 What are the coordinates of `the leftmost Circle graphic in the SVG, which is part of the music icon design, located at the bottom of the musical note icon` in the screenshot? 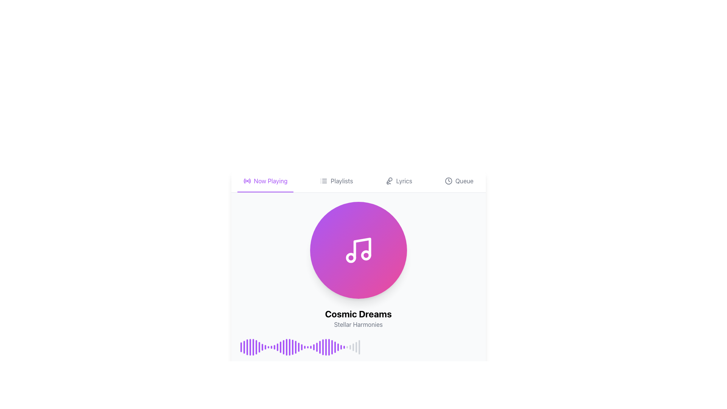 It's located at (350, 258).